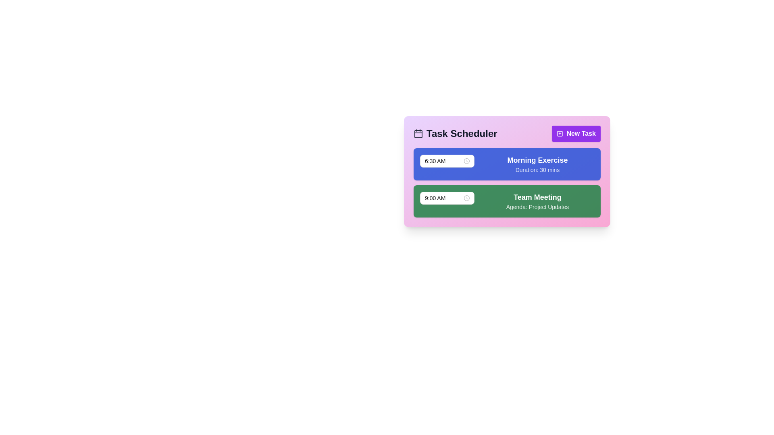  Describe the element at coordinates (418, 133) in the screenshot. I see `the decorative calendar icon element located in the top-left corner of the card, above the 'Task Scheduler' text` at that location.